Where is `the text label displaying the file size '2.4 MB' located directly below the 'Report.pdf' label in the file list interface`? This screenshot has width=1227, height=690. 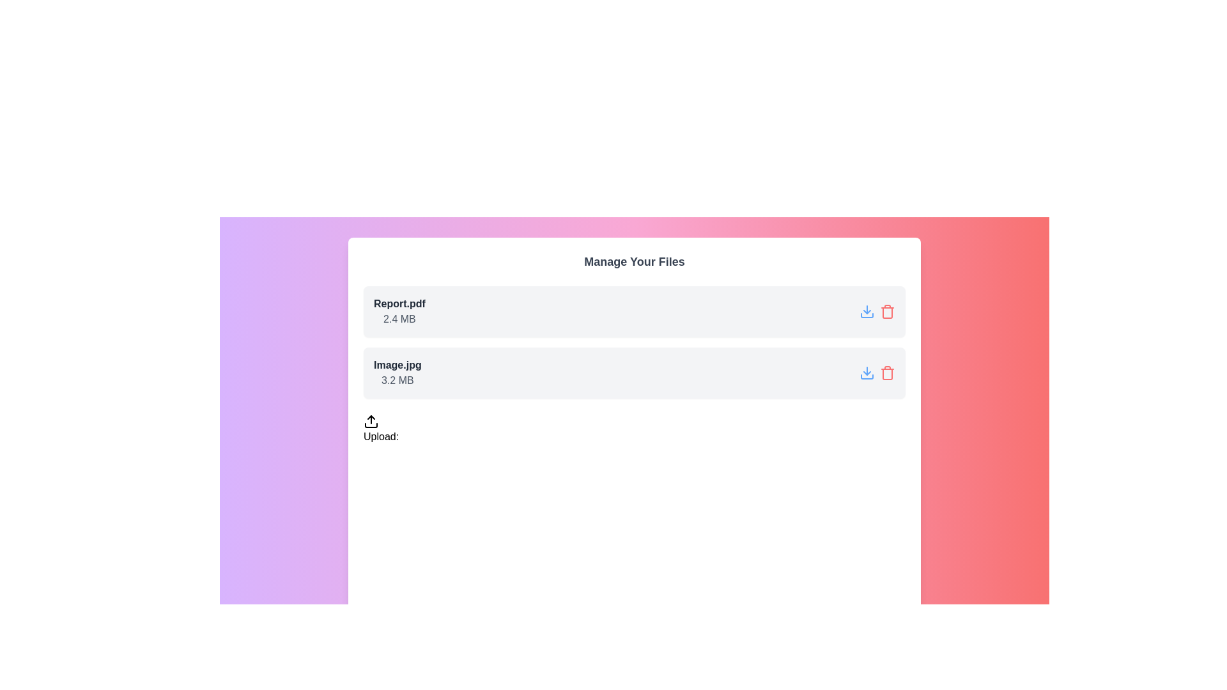
the text label displaying the file size '2.4 MB' located directly below the 'Report.pdf' label in the file list interface is located at coordinates (399, 319).